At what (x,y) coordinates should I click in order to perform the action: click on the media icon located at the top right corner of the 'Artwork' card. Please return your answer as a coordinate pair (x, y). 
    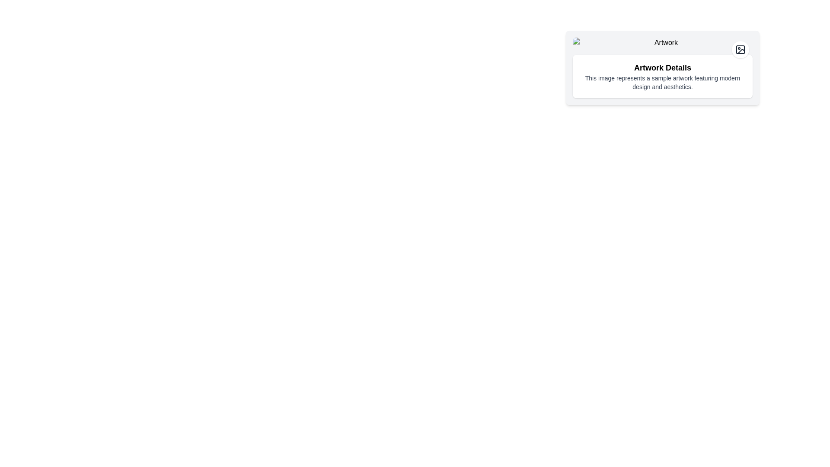
    Looking at the image, I should click on (740, 50).